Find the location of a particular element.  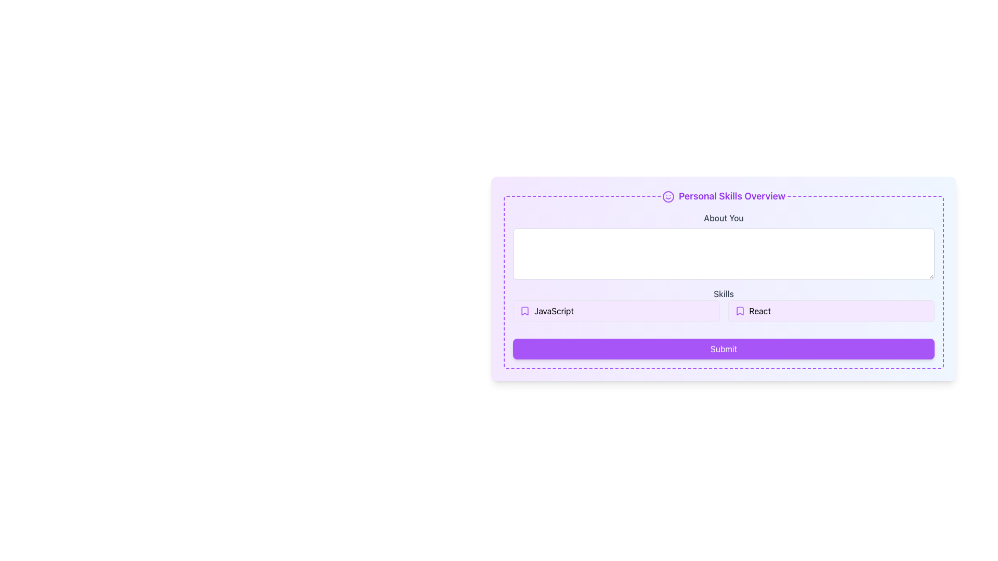

the bookmark-shaped icon with a purple outline located within the 'JavaScript' button in the 'Skills' section of the form is located at coordinates (524, 310).